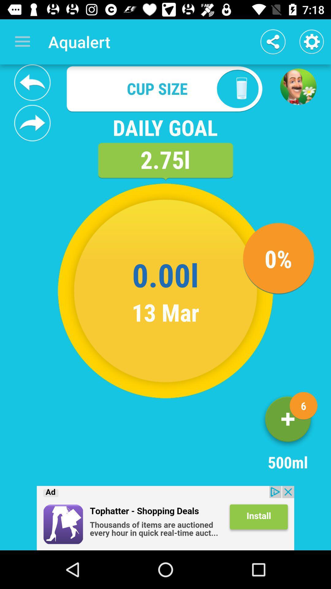  I want to click on click an advertisement, so click(165, 518).